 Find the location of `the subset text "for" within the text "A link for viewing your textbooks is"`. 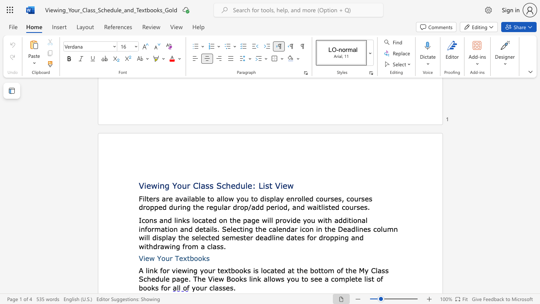

the subset text "for" within the text "A link for viewing your textbooks is" is located at coordinates (160, 270).